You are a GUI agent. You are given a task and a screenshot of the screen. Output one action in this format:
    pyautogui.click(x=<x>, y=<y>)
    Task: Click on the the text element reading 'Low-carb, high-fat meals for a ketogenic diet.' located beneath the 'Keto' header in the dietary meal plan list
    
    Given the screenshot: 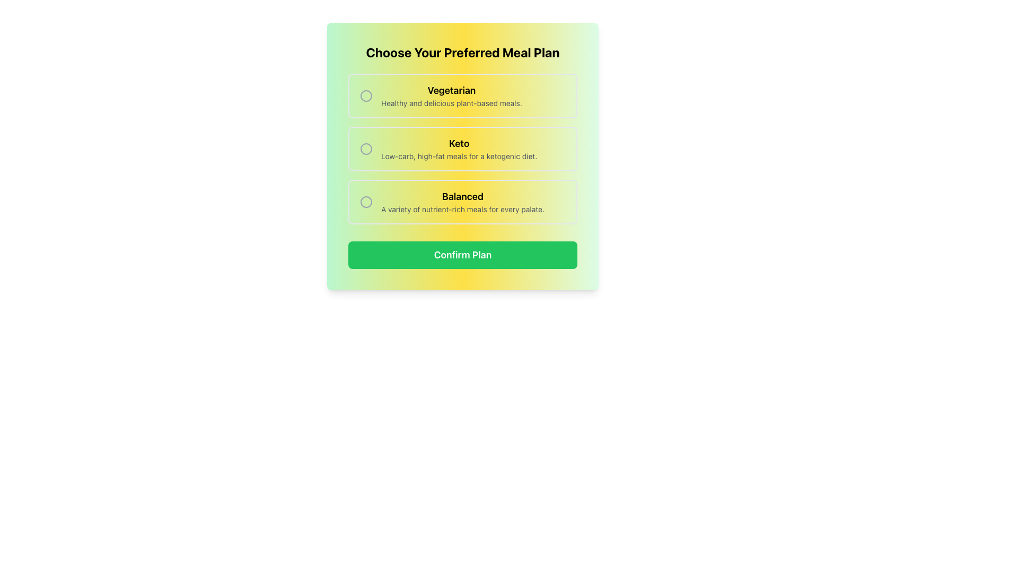 What is the action you would take?
    pyautogui.click(x=459, y=156)
    